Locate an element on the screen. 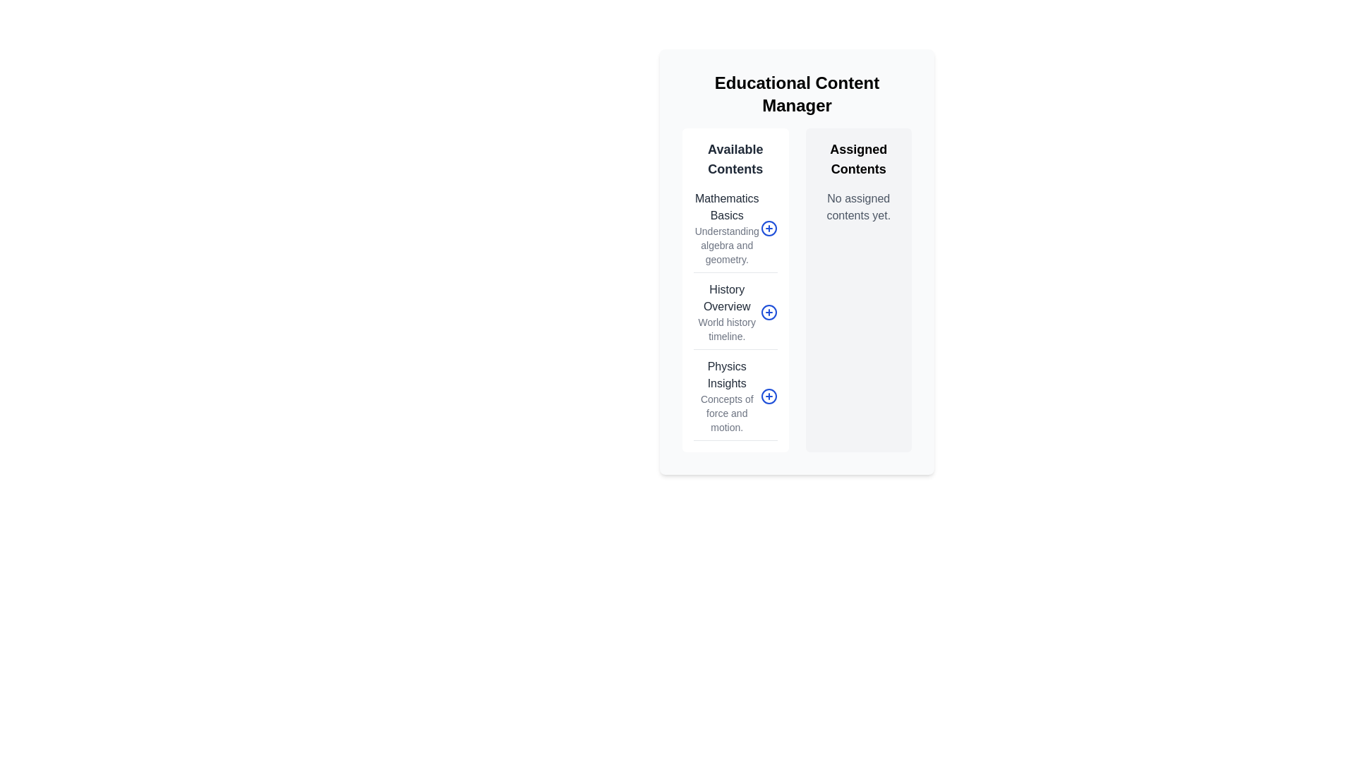 This screenshot has width=1355, height=762. the plus sign button in the 'History Overview' component located under 'Available Contents' to transfer content is located at coordinates (735, 315).